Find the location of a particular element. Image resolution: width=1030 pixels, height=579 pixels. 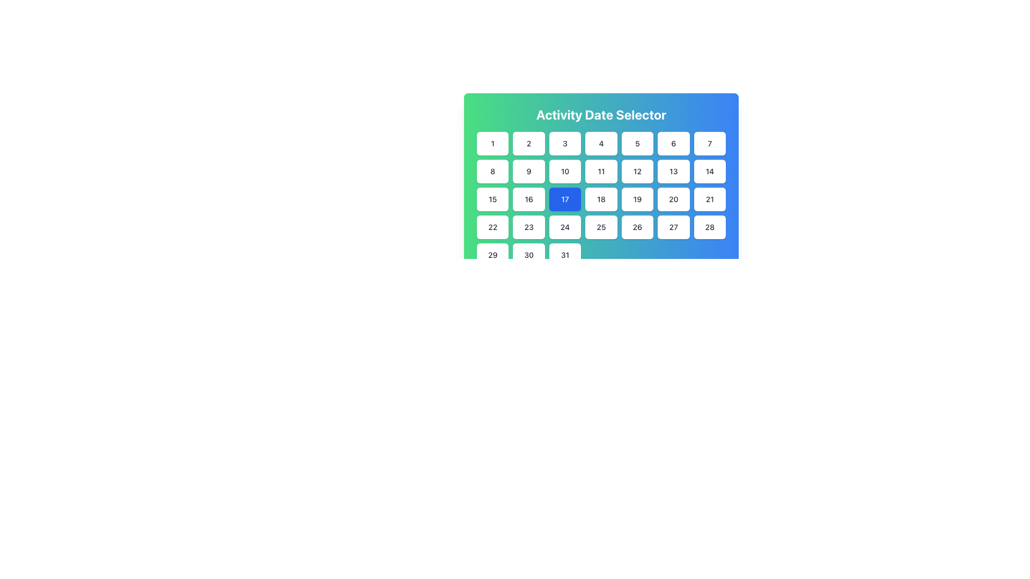

the date selector button located in the third row and first column of the grid is located at coordinates (492, 199).